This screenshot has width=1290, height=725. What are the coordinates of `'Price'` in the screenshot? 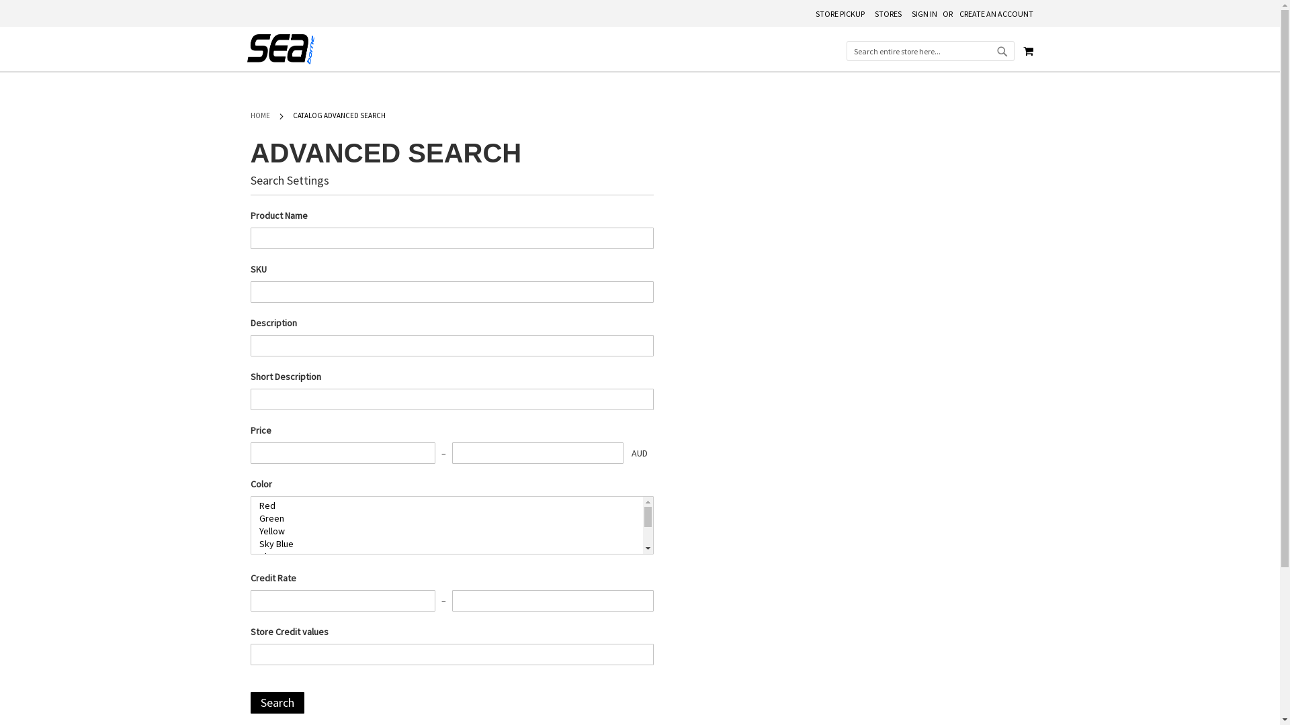 It's located at (342, 453).